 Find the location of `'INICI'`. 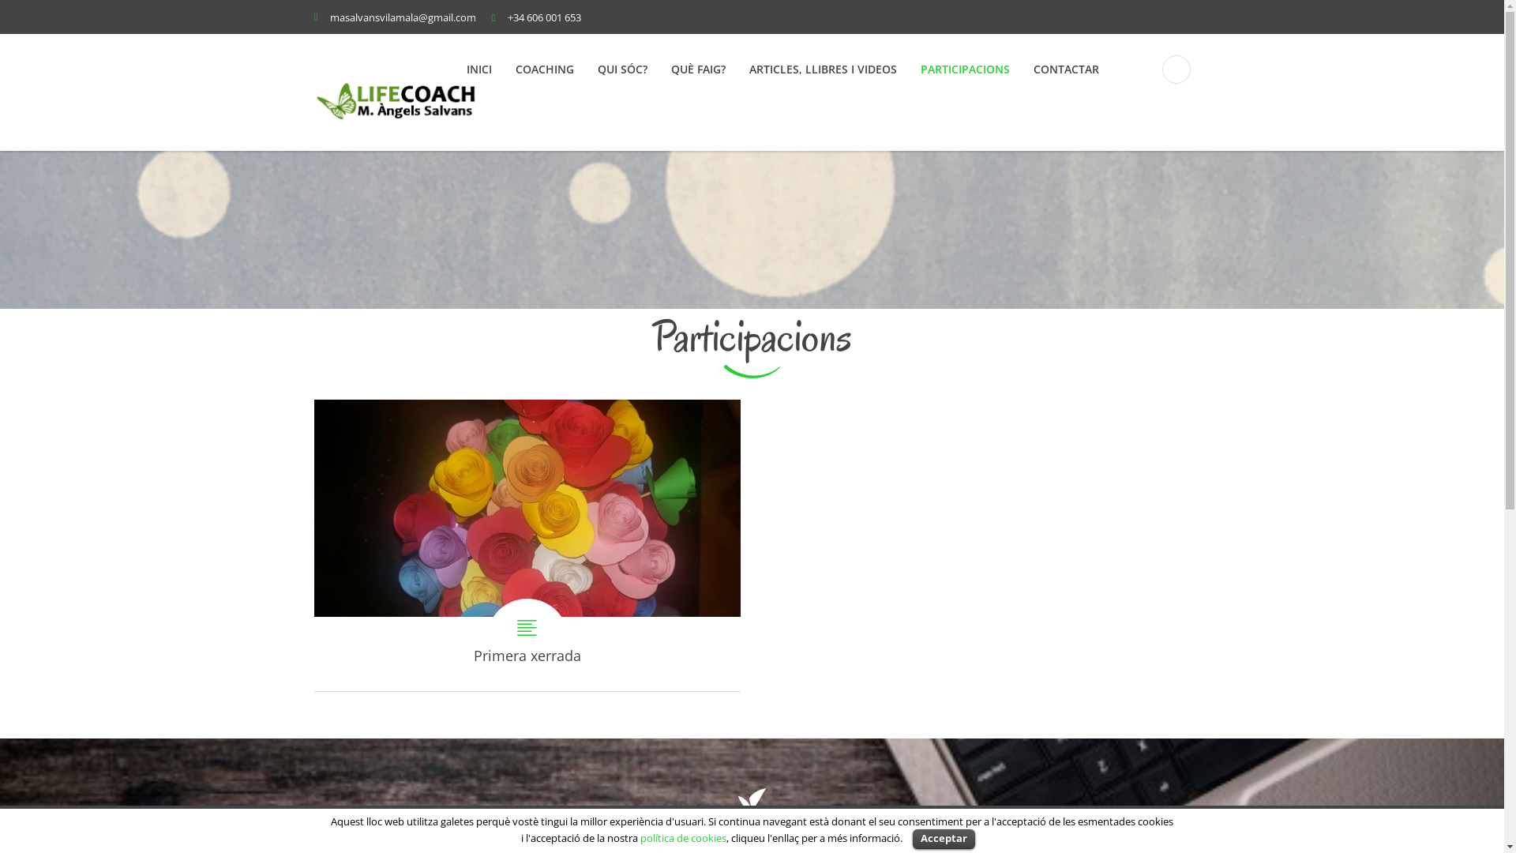

'INICI' is located at coordinates (477, 68).